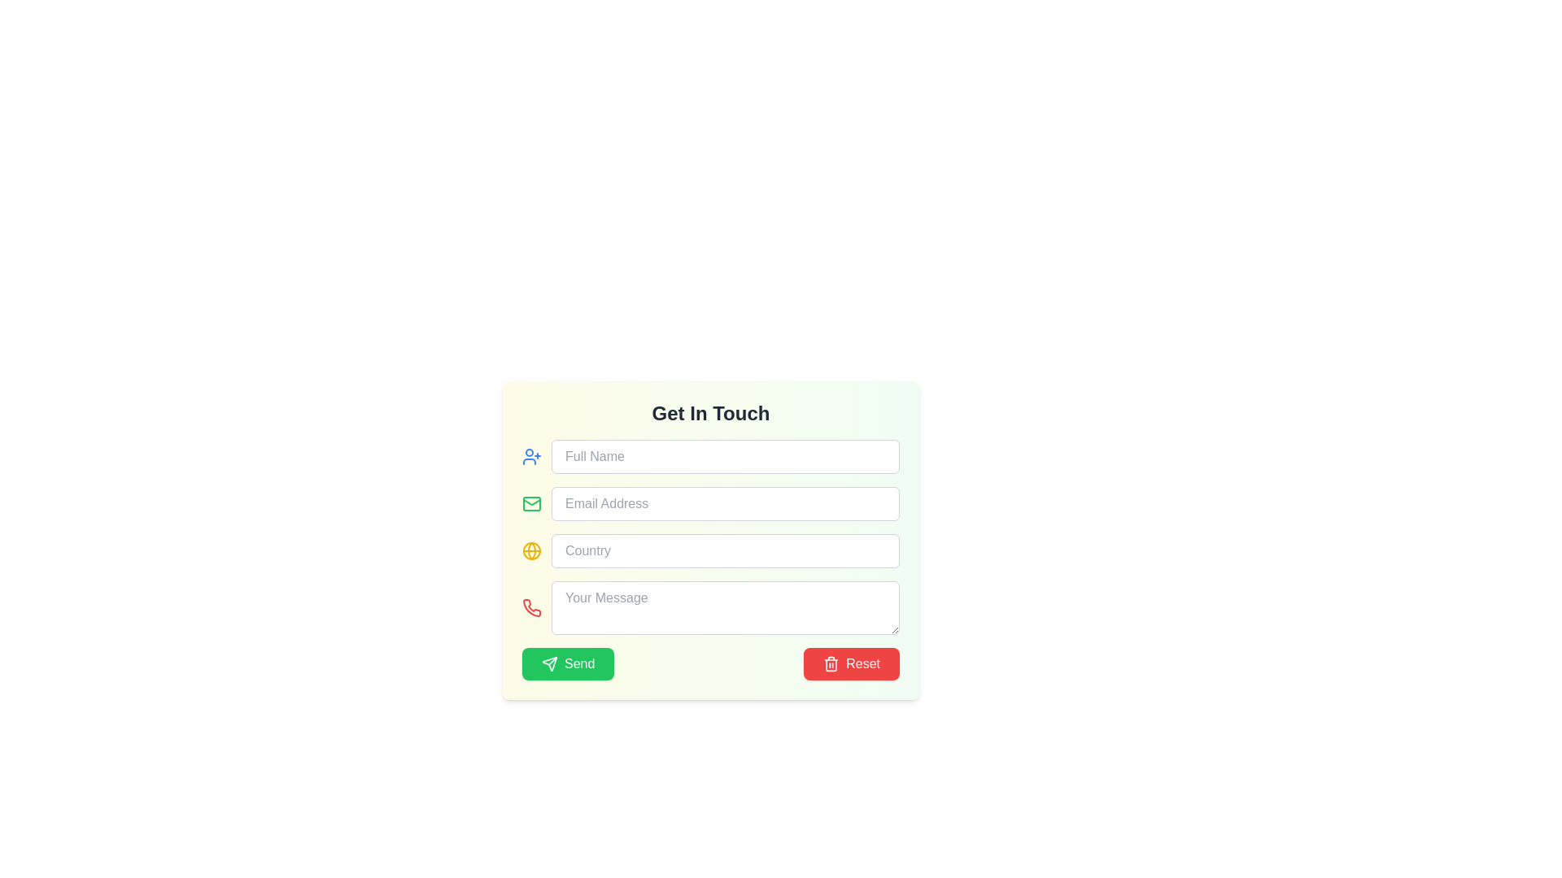  I want to click on the red 'Reset' button with a trash icon located at the bottom right of the form layout, so click(851, 664).